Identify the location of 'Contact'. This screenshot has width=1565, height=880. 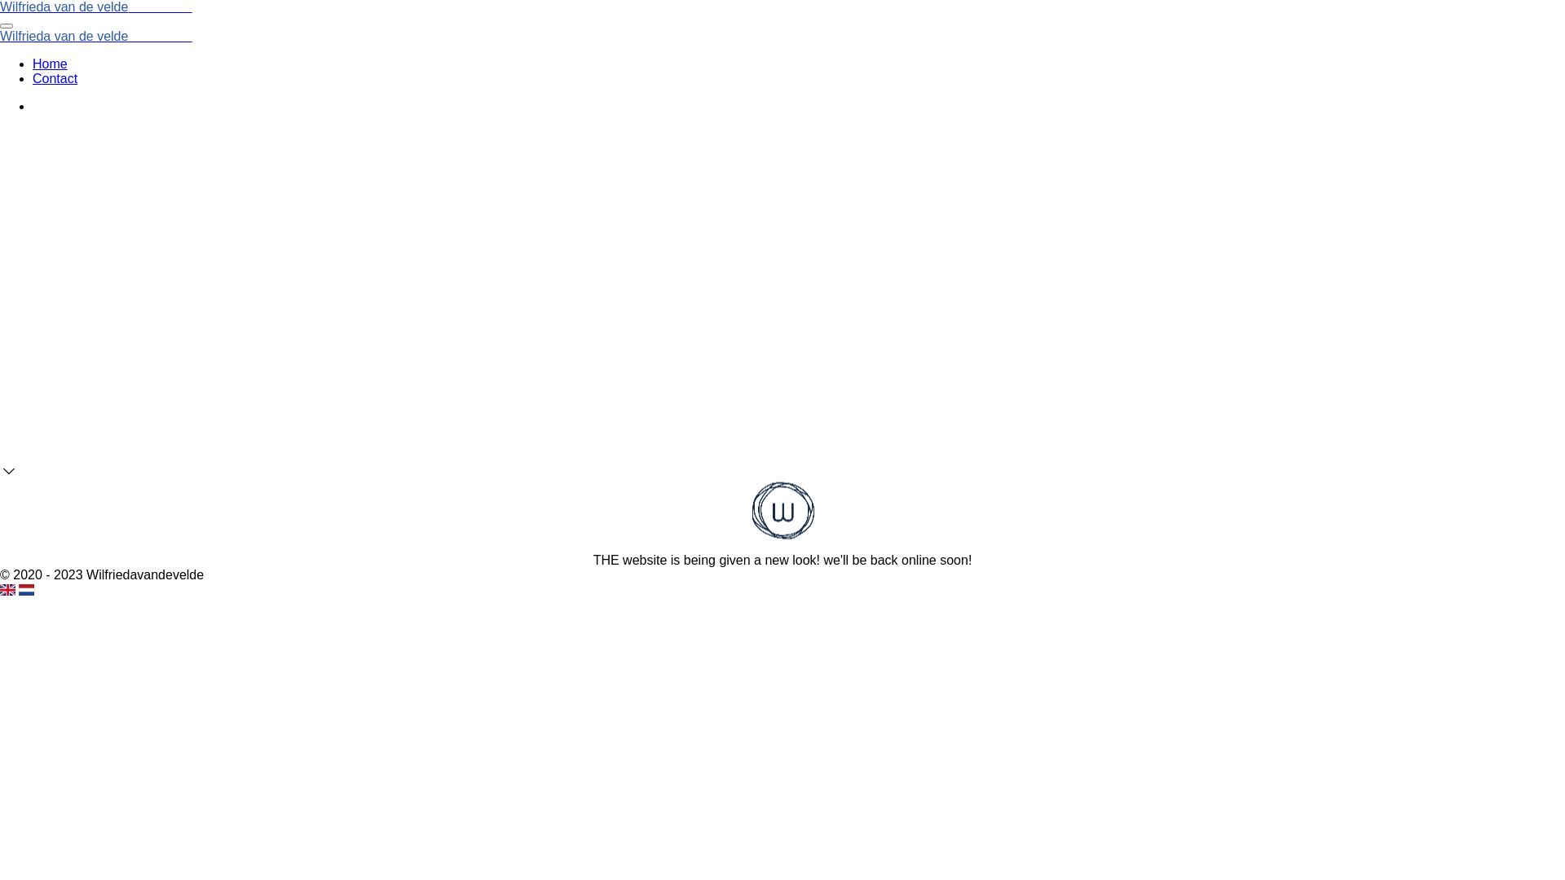
(55, 78).